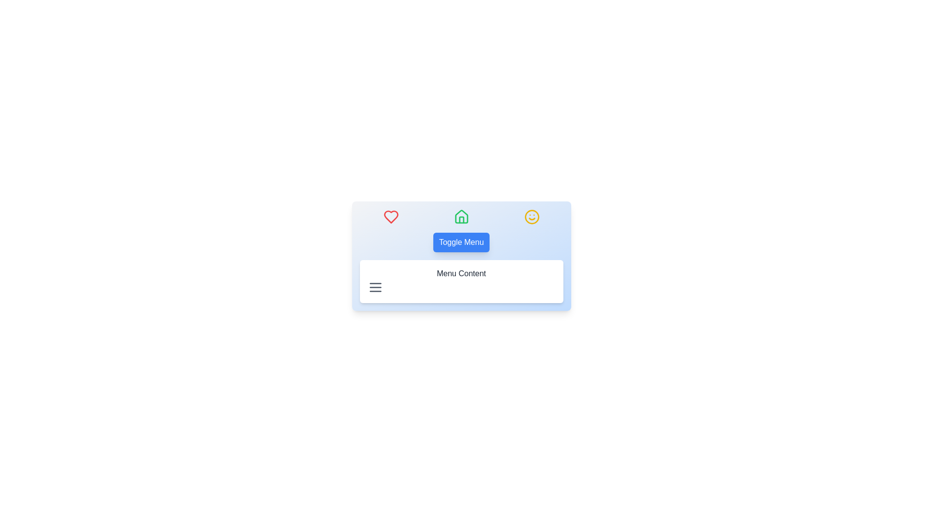 The width and height of the screenshot is (939, 528). What do you see at coordinates (461, 242) in the screenshot?
I see `the button located within the card below the row of three icons (red heart, green house, yellow smiley)` at bounding box center [461, 242].